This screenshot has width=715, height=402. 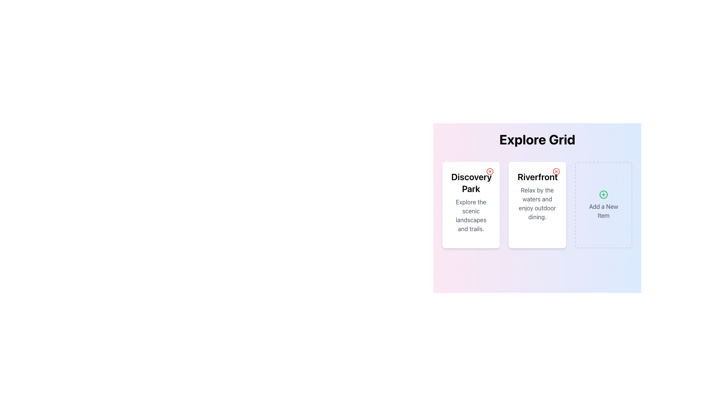 I want to click on the 'Close' button located in the top-right corner of the 'Discovery Park' card, so click(x=490, y=172).